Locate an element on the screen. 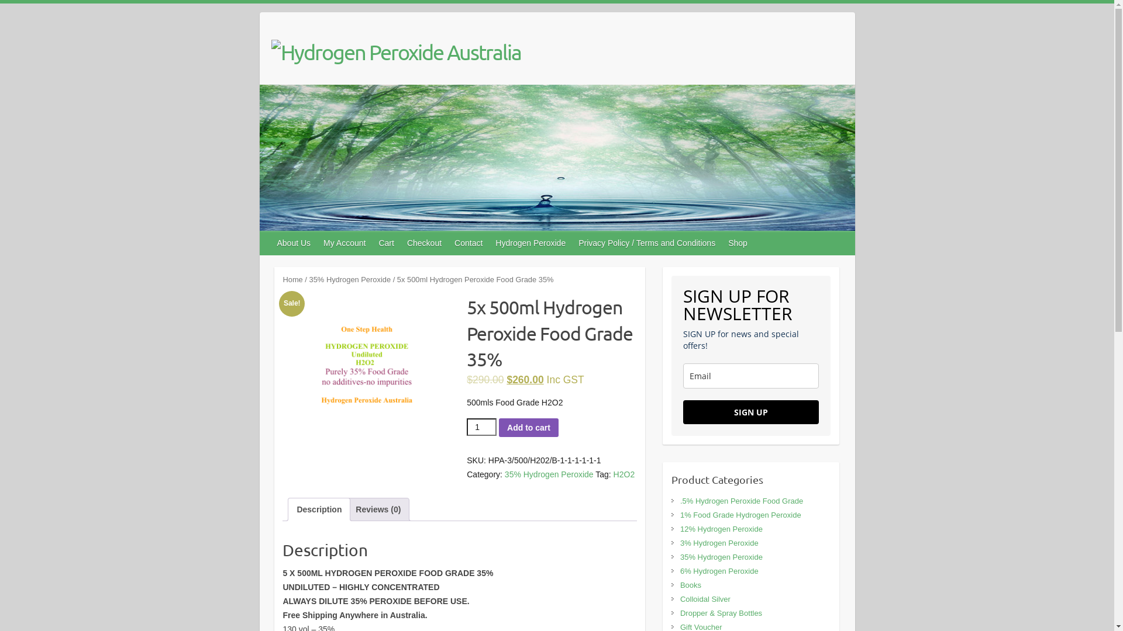 The height and width of the screenshot is (631, 1123). 'Contact' is located at coordinates (448, 242).